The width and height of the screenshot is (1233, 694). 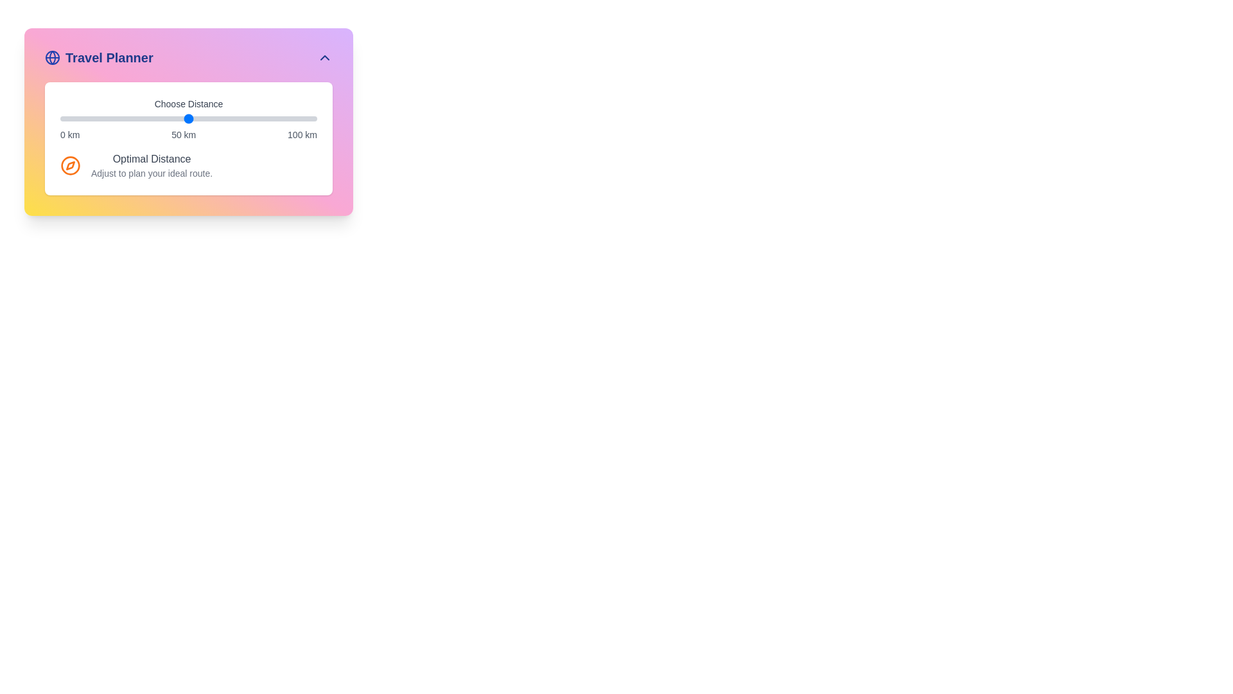 I want to click on the distance slider, so click(x=159, y=119).